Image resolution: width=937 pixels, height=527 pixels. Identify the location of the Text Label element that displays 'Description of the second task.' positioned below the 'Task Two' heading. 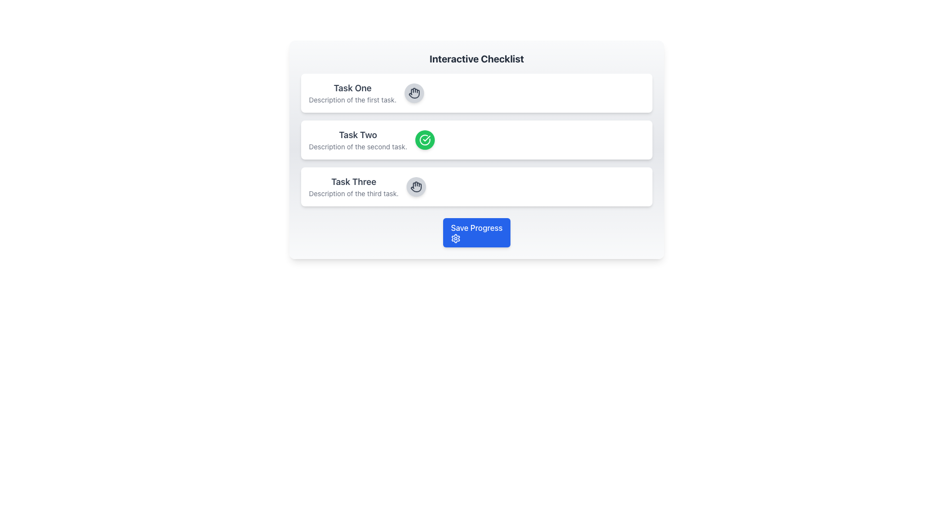
(357, 146).